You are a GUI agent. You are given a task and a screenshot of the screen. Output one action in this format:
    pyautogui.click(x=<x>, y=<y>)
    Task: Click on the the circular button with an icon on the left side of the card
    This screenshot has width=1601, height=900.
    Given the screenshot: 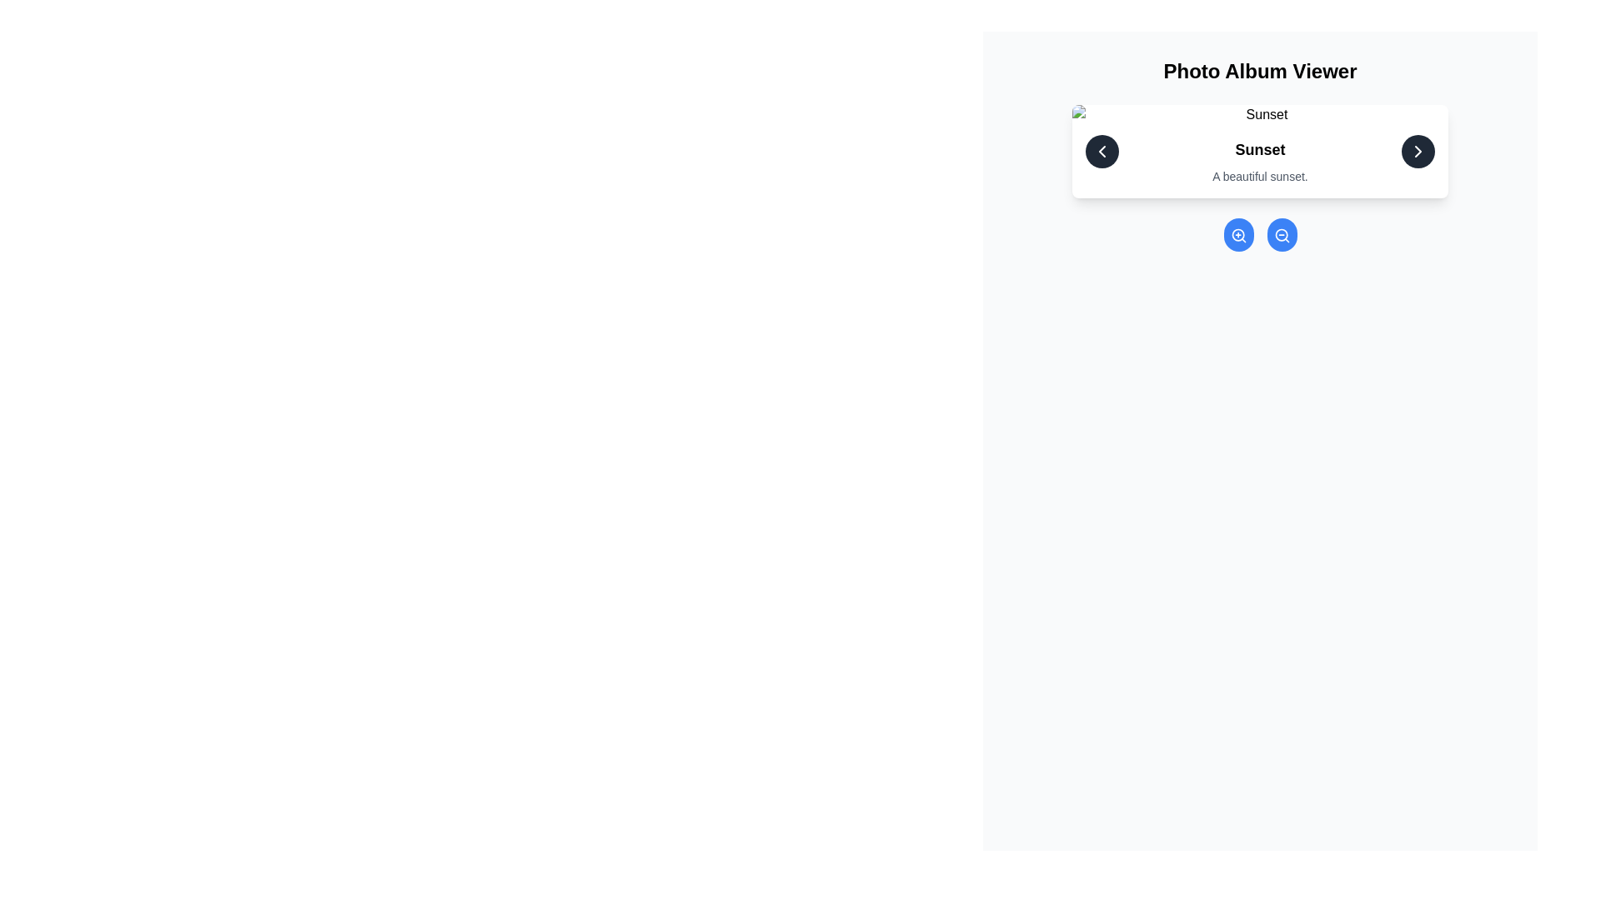 What is the action you would take?
    pyautogui.click(x=1102, y=151)
    